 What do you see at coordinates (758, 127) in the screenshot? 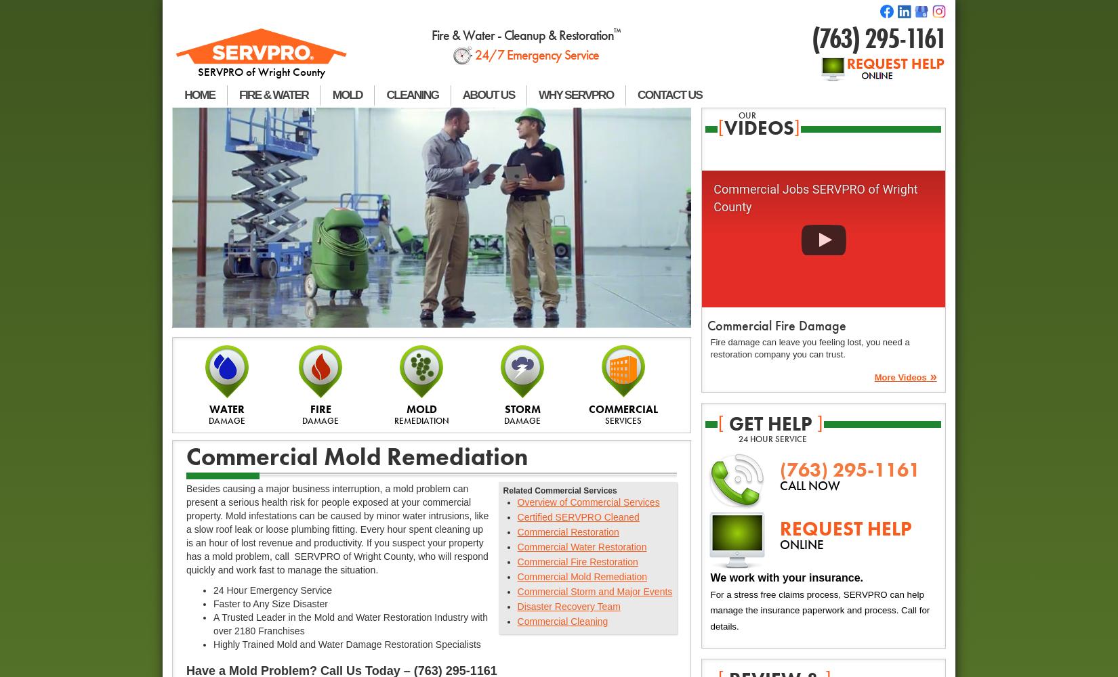
I see `'videos'` at bounding box center [758, 127].